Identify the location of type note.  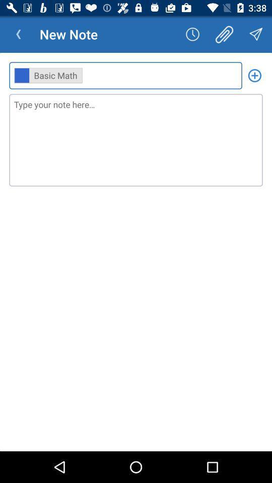
(136, 139).